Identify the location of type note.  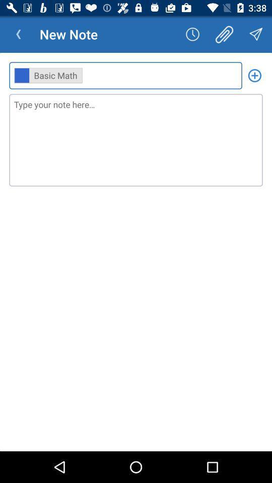
(136, 139).